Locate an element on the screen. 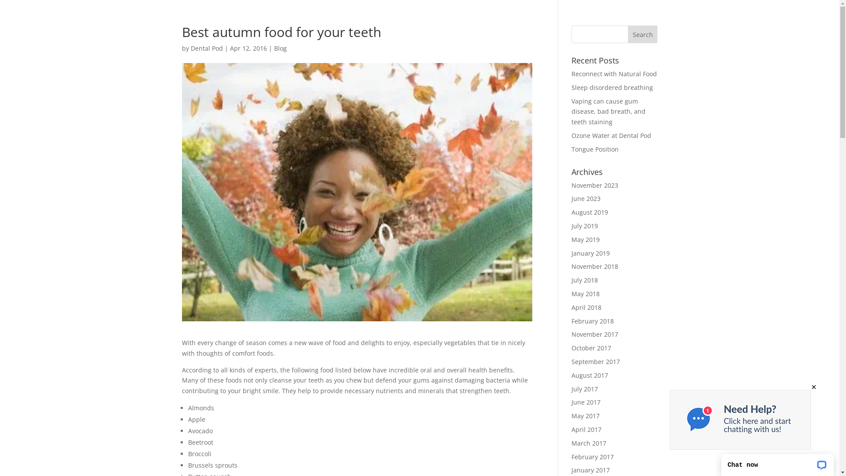 This screenshot has width=846, height=476. 'November 2018' is located at coordinates (594, 266).